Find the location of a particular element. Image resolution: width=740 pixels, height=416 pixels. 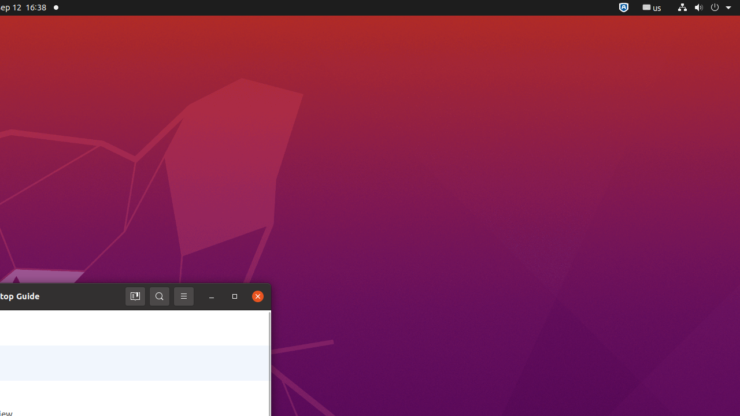

'Minimize' is located at coordinates (211, 296).